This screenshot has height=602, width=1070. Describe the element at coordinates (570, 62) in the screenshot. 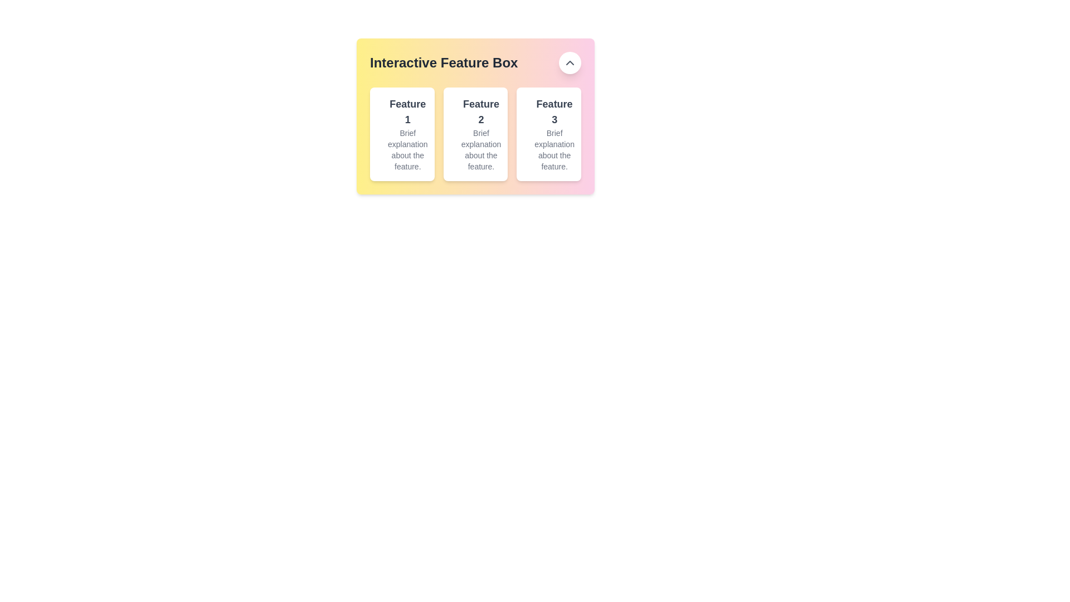

I see `the chevron-up icon located at the top center of the circular button within the 'Interactive Feature Box'` at that location.